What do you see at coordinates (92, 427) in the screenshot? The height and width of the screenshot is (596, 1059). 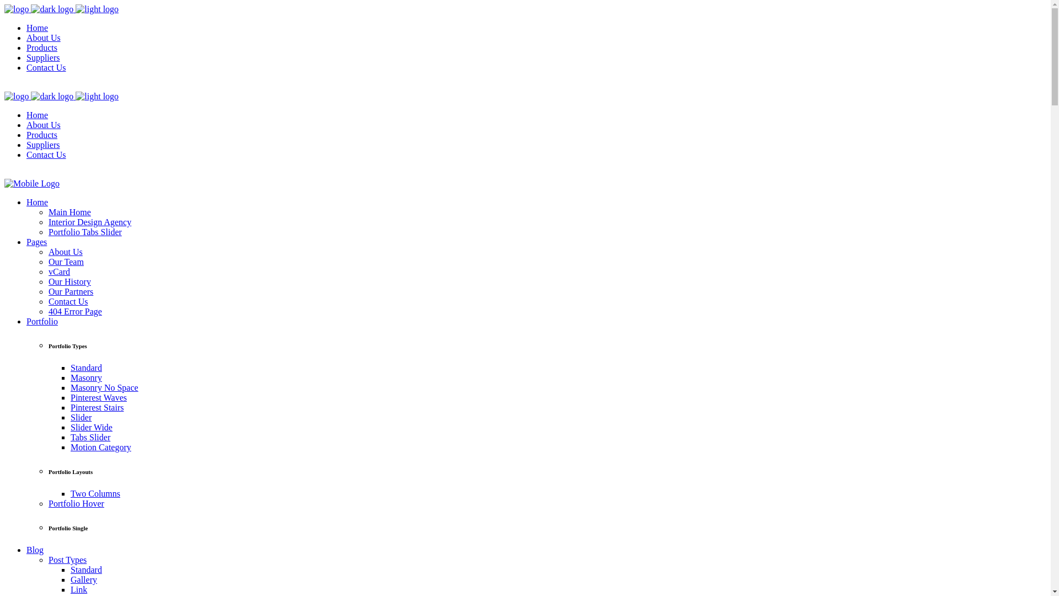 I see `'Slider Wide'` at bounding box center [92, 427].